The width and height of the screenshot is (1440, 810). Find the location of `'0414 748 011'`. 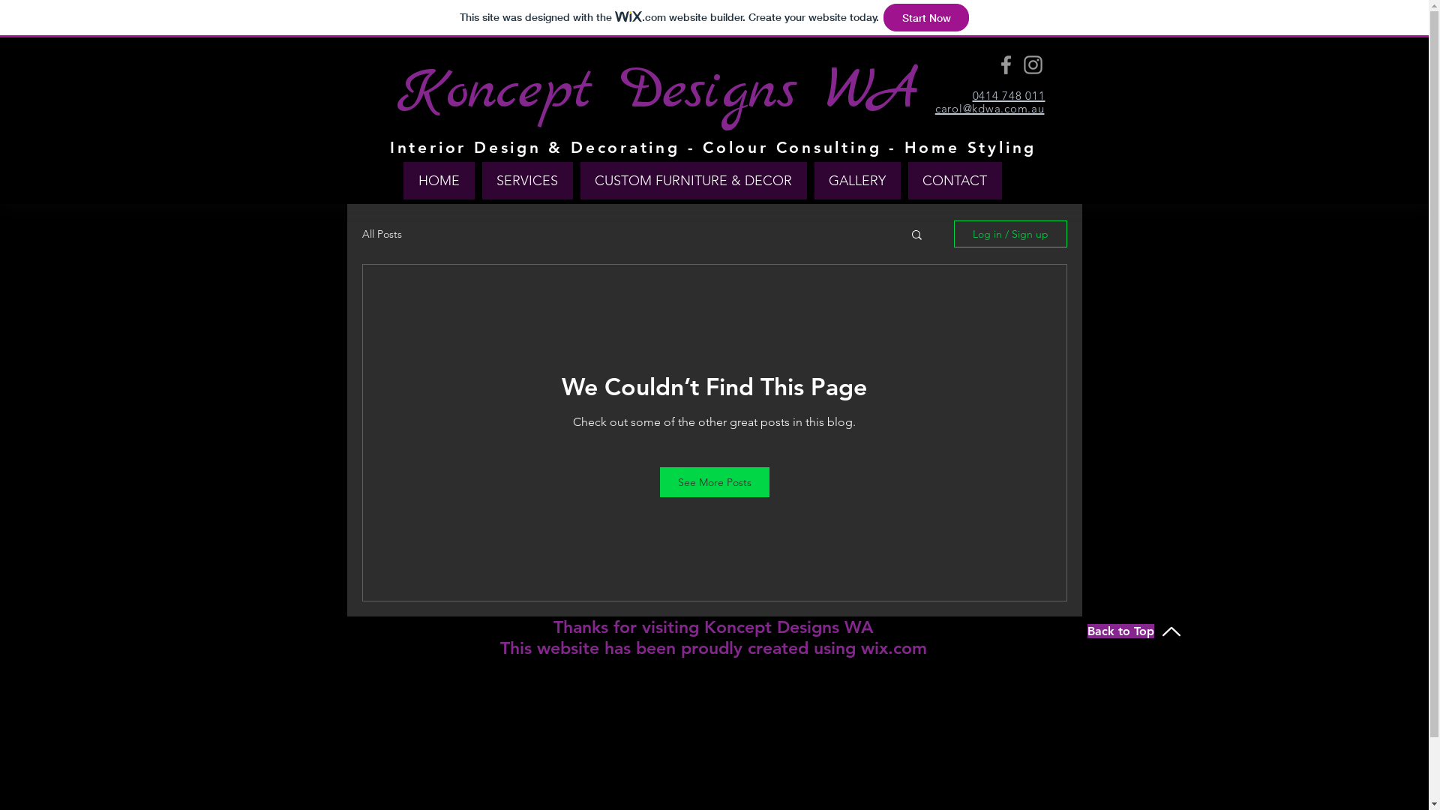

'0414 748 011' is located at coordinates (972, 94).